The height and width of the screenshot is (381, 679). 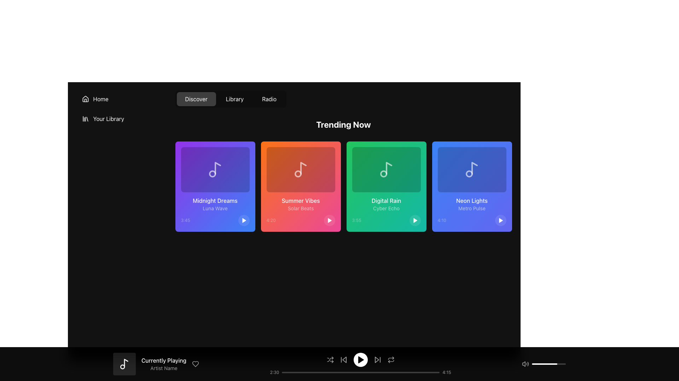 I want to click on the circular button with a semi-transparent white background and a white play icon, located in the bottom-right corner of the 'Neon Lights' card in the 'Trending Now' section, so click(x=500, y=220).